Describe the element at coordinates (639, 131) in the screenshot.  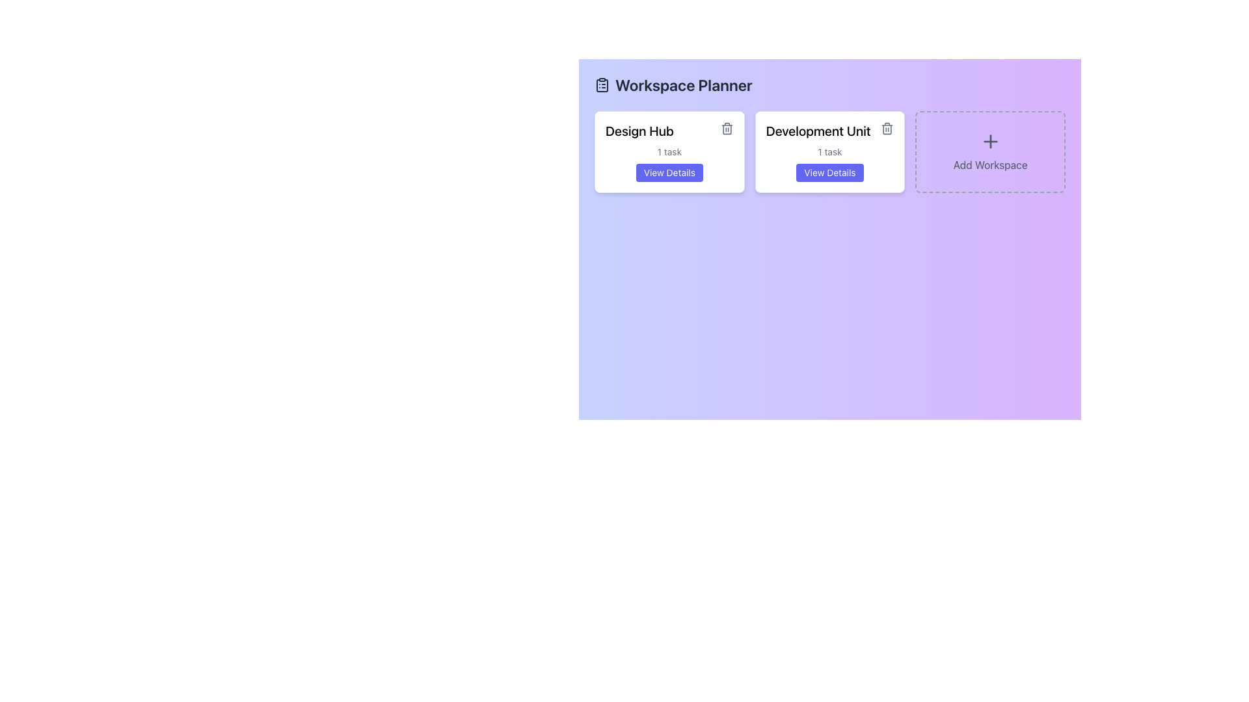
I see `text 'Design Hub' which is displayed in a larger font size and bold style, positioned in the left card under the 'Workspace Planner' heading` at that location.